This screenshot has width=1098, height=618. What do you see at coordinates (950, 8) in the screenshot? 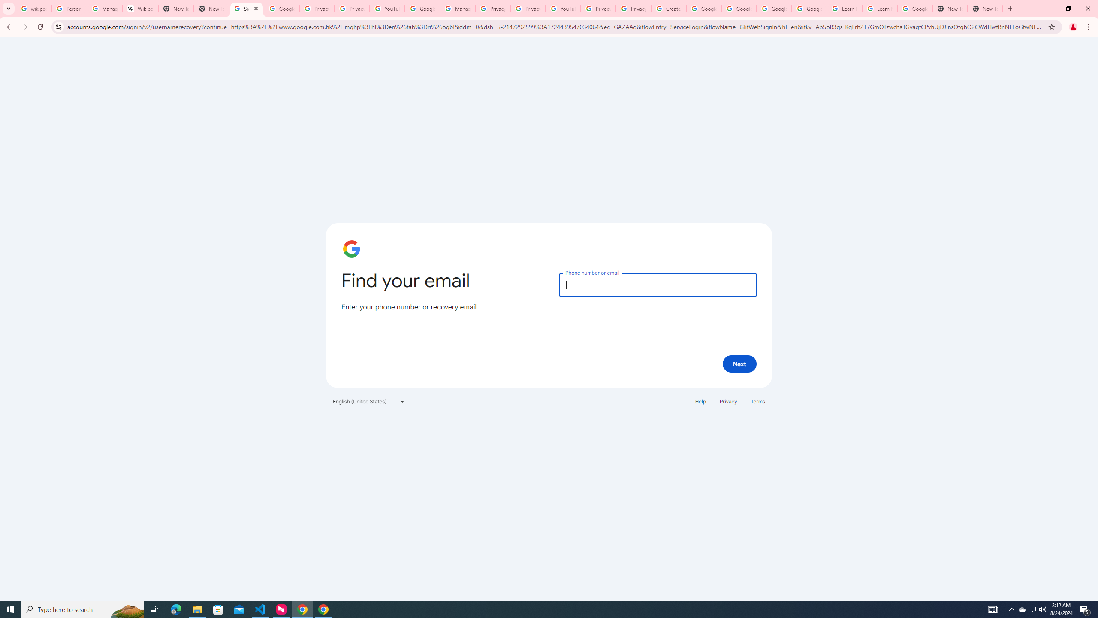
I see `'New Tab'` at bounding box center [950, 8].